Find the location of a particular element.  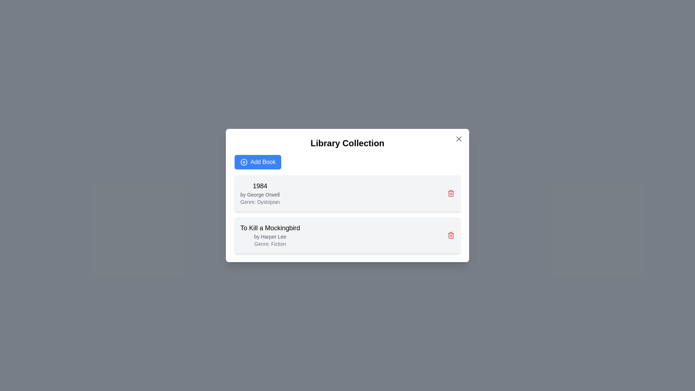

the blue 'Add Book' button with white text and a plus-circle icon to activate its hover effects is located at coordinates (258, 161).